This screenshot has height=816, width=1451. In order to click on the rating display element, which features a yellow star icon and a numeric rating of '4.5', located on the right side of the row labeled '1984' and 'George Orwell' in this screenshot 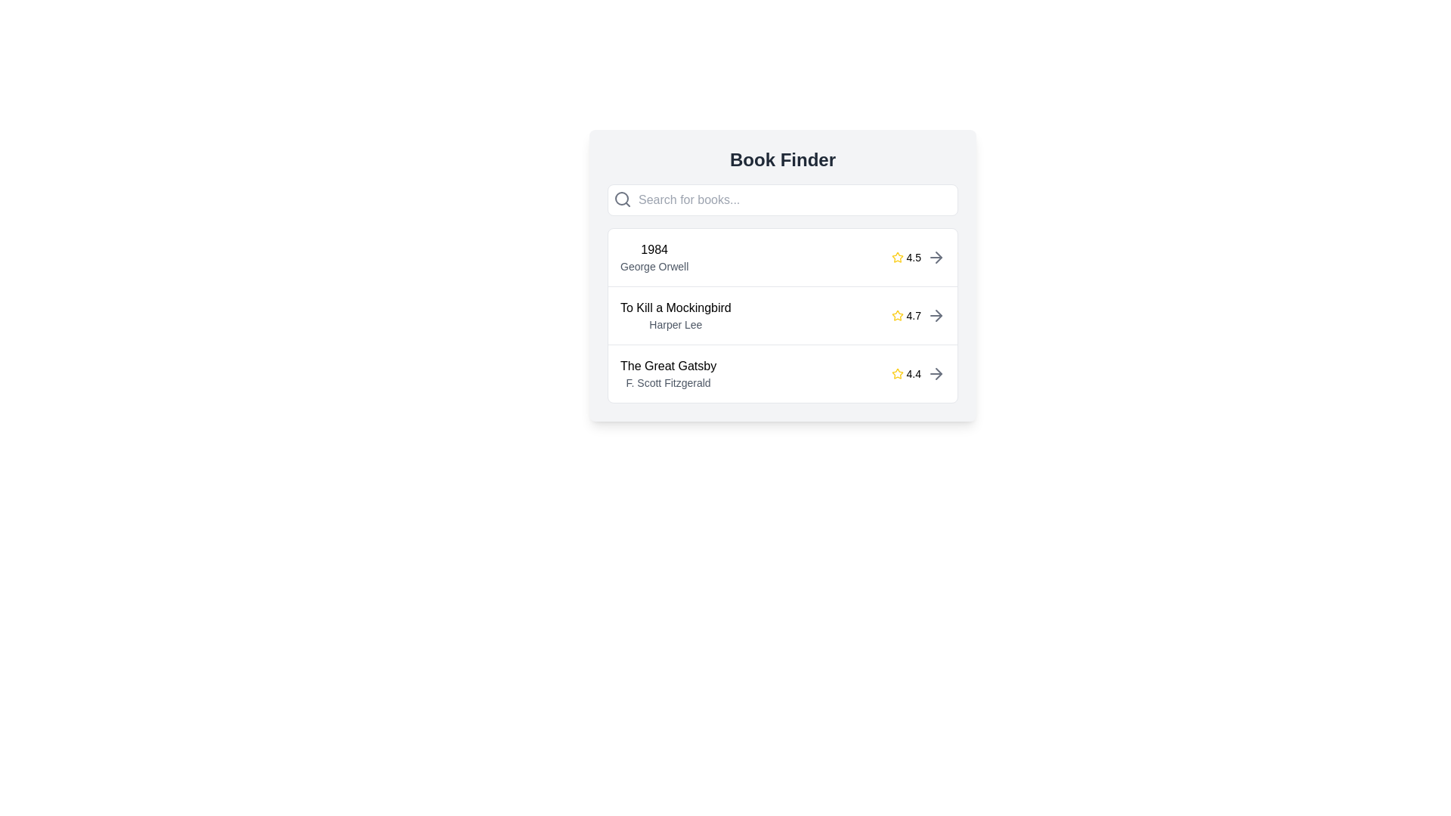, I will do `click(906, 256)`.